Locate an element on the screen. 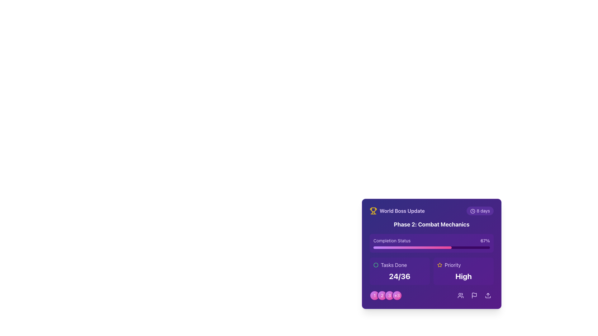 Image resolution: width=598 pixels, height=336 pixels. the flag icon located at the bottom right corner of the card interface, which features thin strokes and curves typical in vector graphics is located at coordinates (474, 294).